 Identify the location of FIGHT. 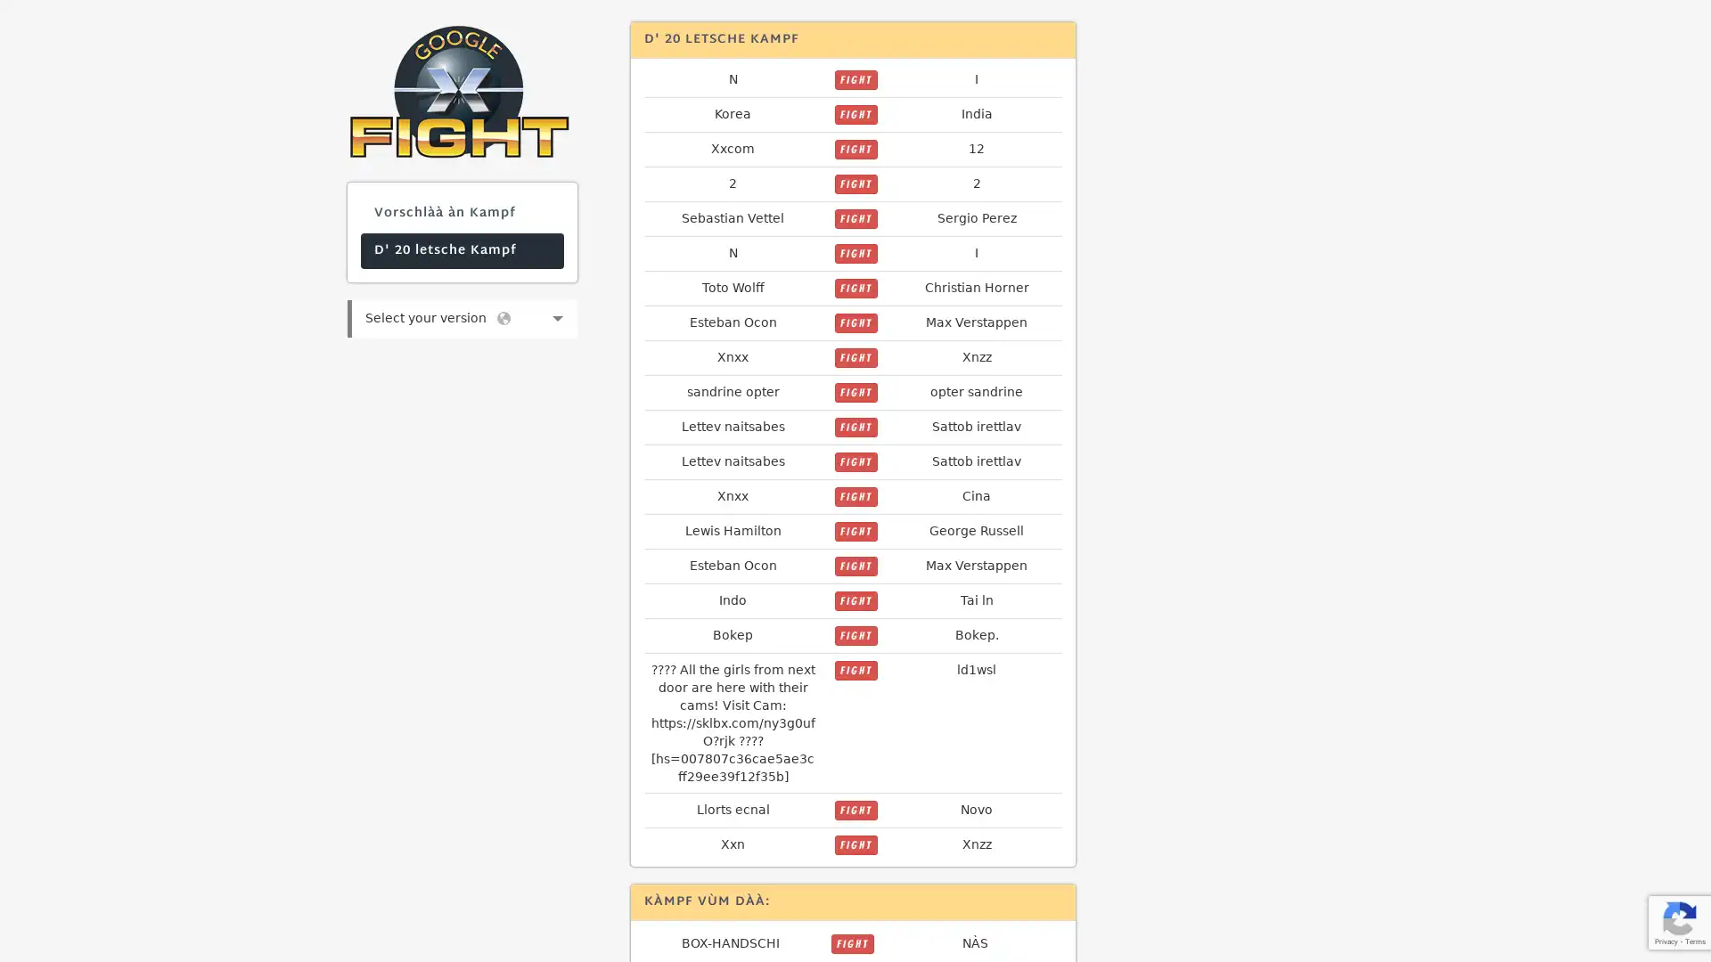
(855, 218).